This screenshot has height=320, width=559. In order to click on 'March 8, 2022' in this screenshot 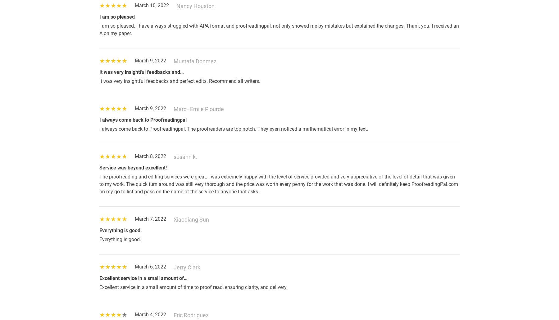, I will do `click(150, 156)`.